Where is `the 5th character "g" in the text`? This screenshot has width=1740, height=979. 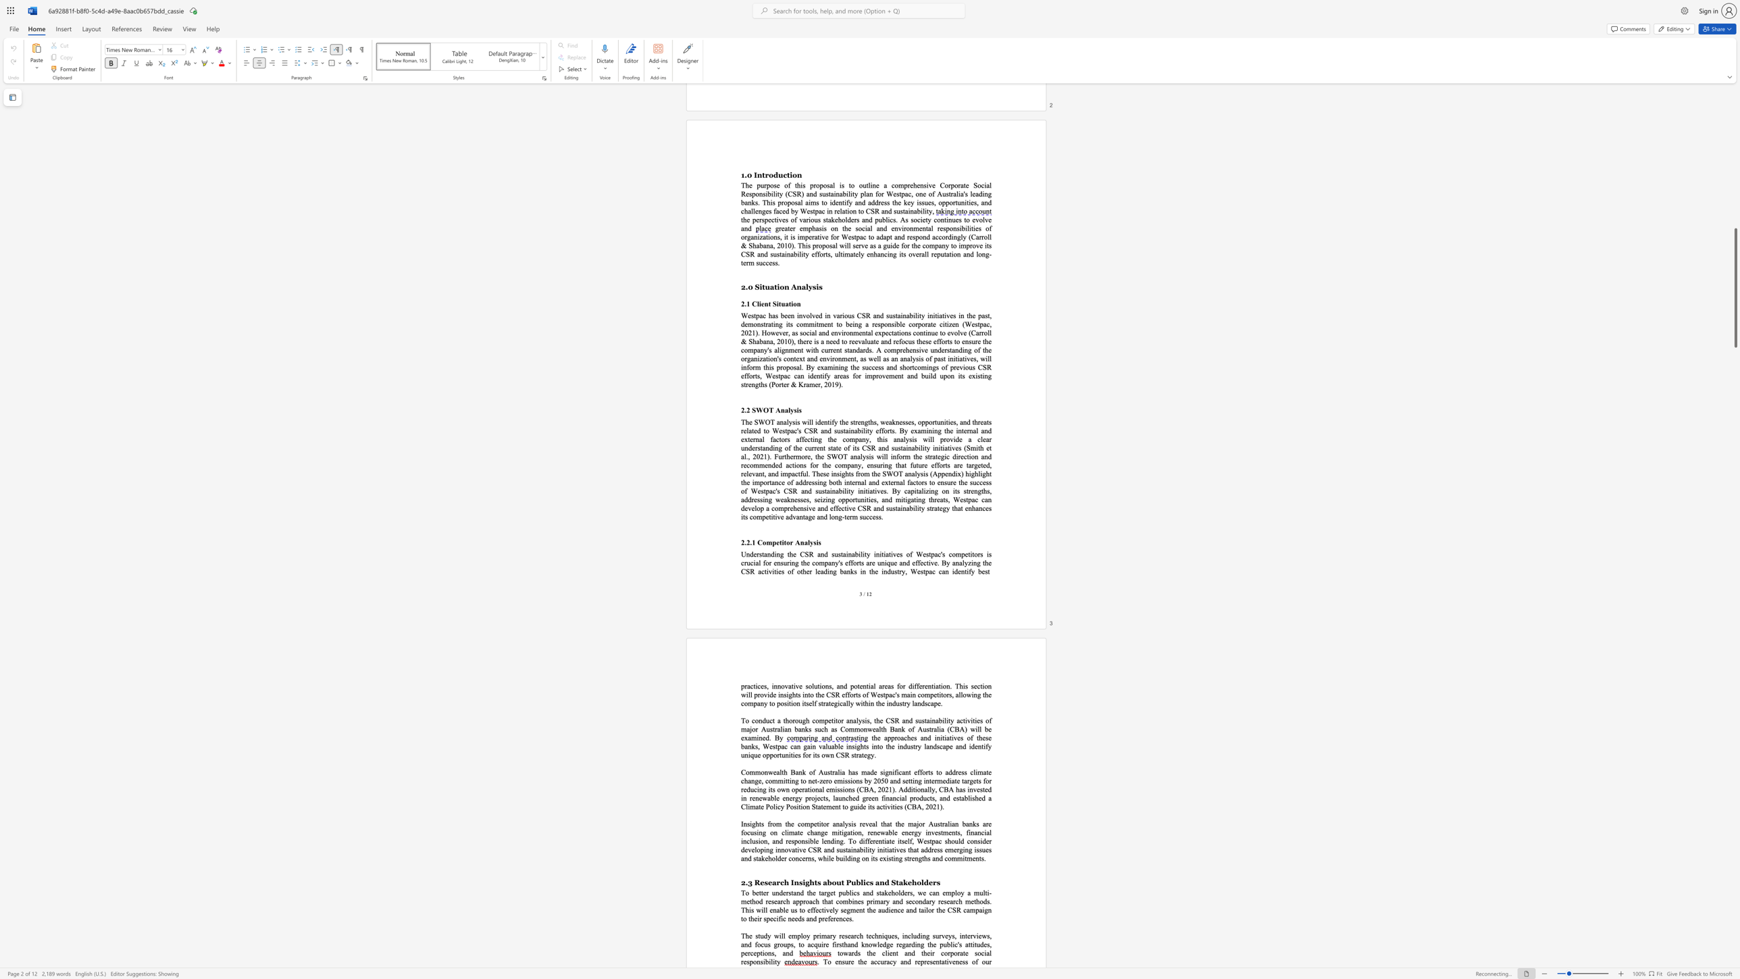 the 5th character "g" in the text is located at coordinates (915, 832).